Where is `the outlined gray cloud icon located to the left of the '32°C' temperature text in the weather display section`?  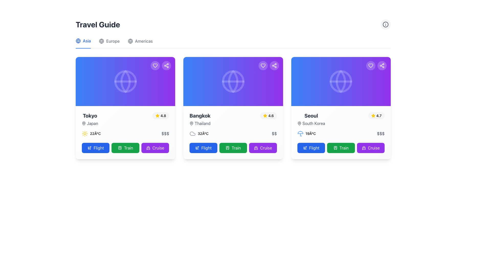 the outlined gray cloud icon located to the left of the '32°C' temperature text in the weather display section is located at coordinates (192, 133).